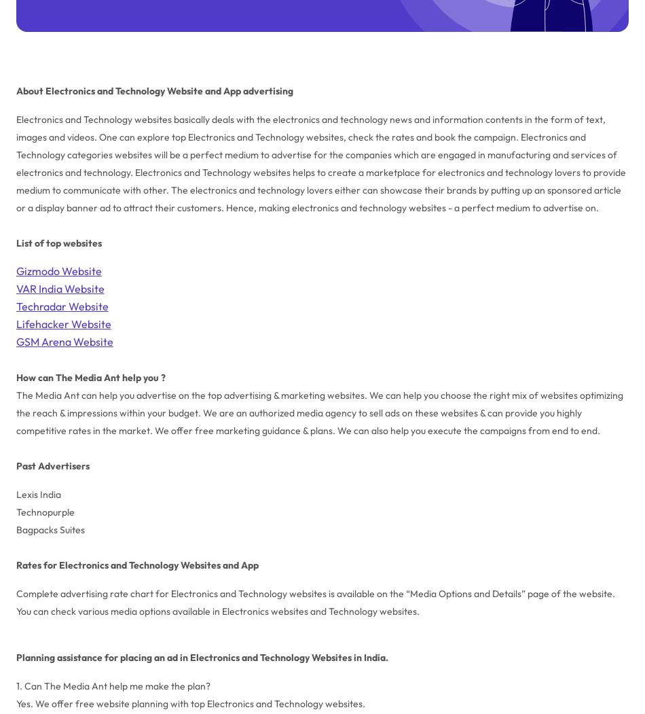 This screenshot has width=645, height=714. What do you see at coordinates (50, 529) in the screenshot?
I see `'Bagpacks Suites'` at bounding box center [50, 529].